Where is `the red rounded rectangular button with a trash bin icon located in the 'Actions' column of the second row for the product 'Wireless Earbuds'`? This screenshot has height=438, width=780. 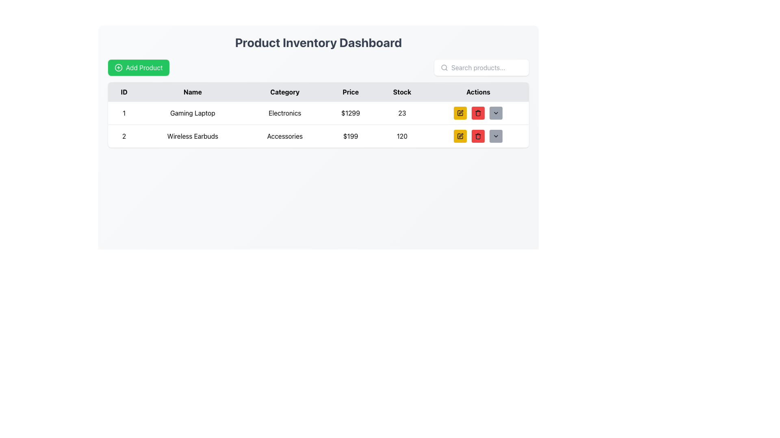
the red rounded rectangular button with a trash bin icon located in the 'Actions' column of the second row for the product 'Wireless Earbuds' is located at coordinates (478, 113).